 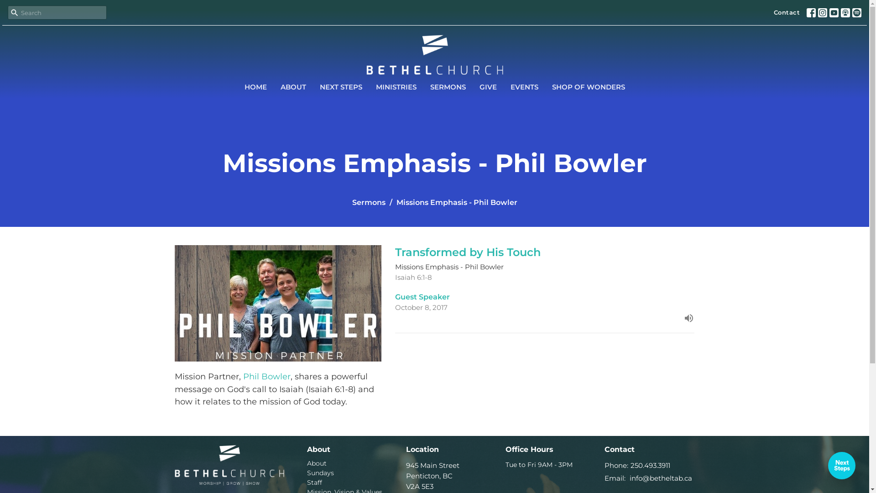 What do you see at coordinates (479, 87) in the screenshot?
I see `'GIVE'` at bounding box center [479, 87].